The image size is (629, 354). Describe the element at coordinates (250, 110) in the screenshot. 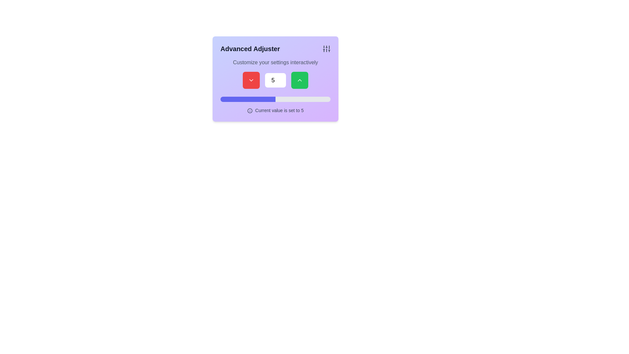

I see `the Information icon (SVG), which is a circular icon with a hollow circle and a vertical line, located to the left of the text 'Current value is set to 5.' below the horizontal slider bar, to trigger a tooltip` at that location.